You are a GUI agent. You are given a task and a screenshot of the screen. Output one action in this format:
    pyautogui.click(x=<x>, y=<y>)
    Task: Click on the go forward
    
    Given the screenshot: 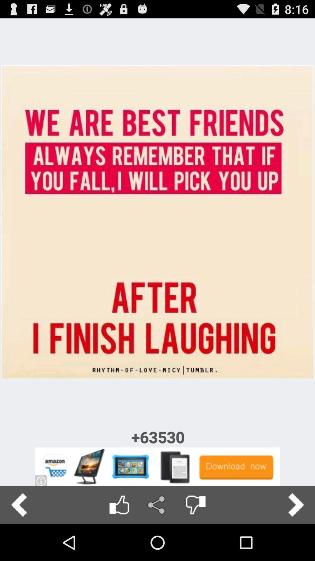 What is the action you would take?
    pyautogui.click(x=296, y=505)
    